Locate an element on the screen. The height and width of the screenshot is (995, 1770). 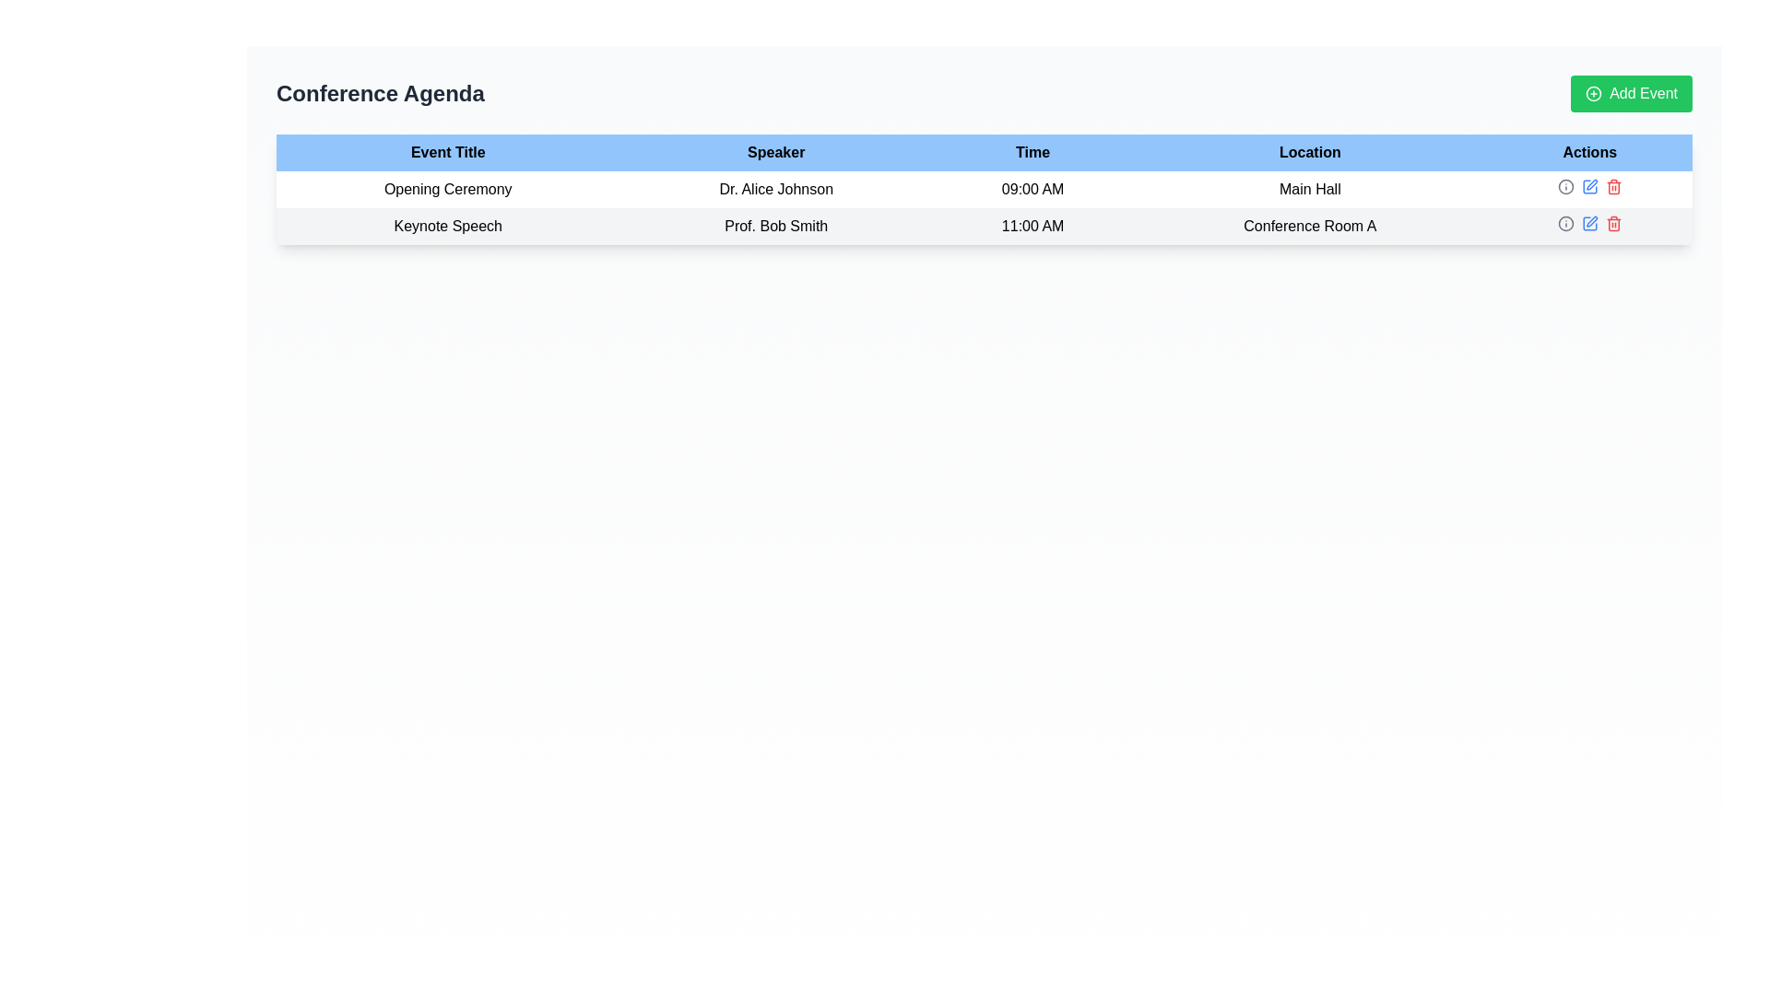
text of the first column header cell in the table, which indicates the titles of events is located at coordinates (448, 151).